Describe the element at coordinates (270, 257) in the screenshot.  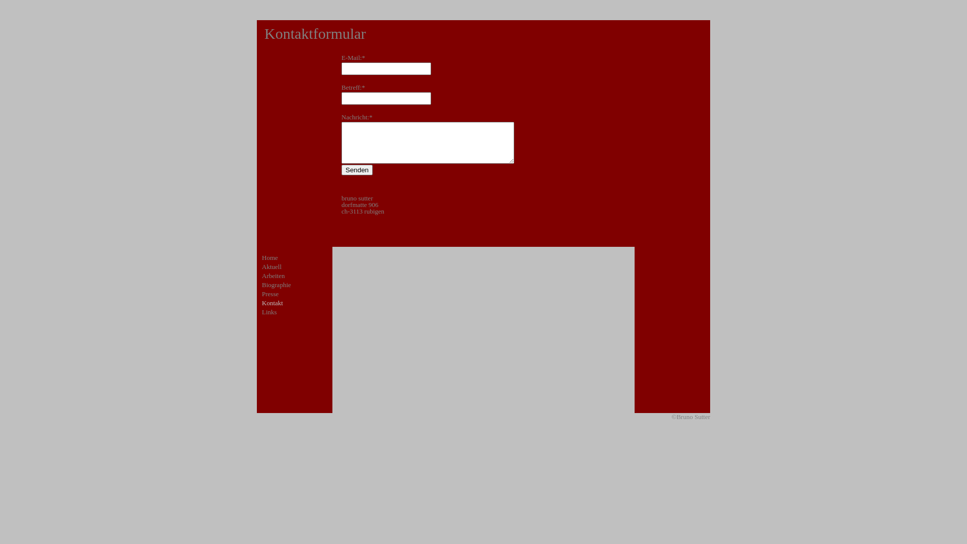
I see `'Home'` at that location.